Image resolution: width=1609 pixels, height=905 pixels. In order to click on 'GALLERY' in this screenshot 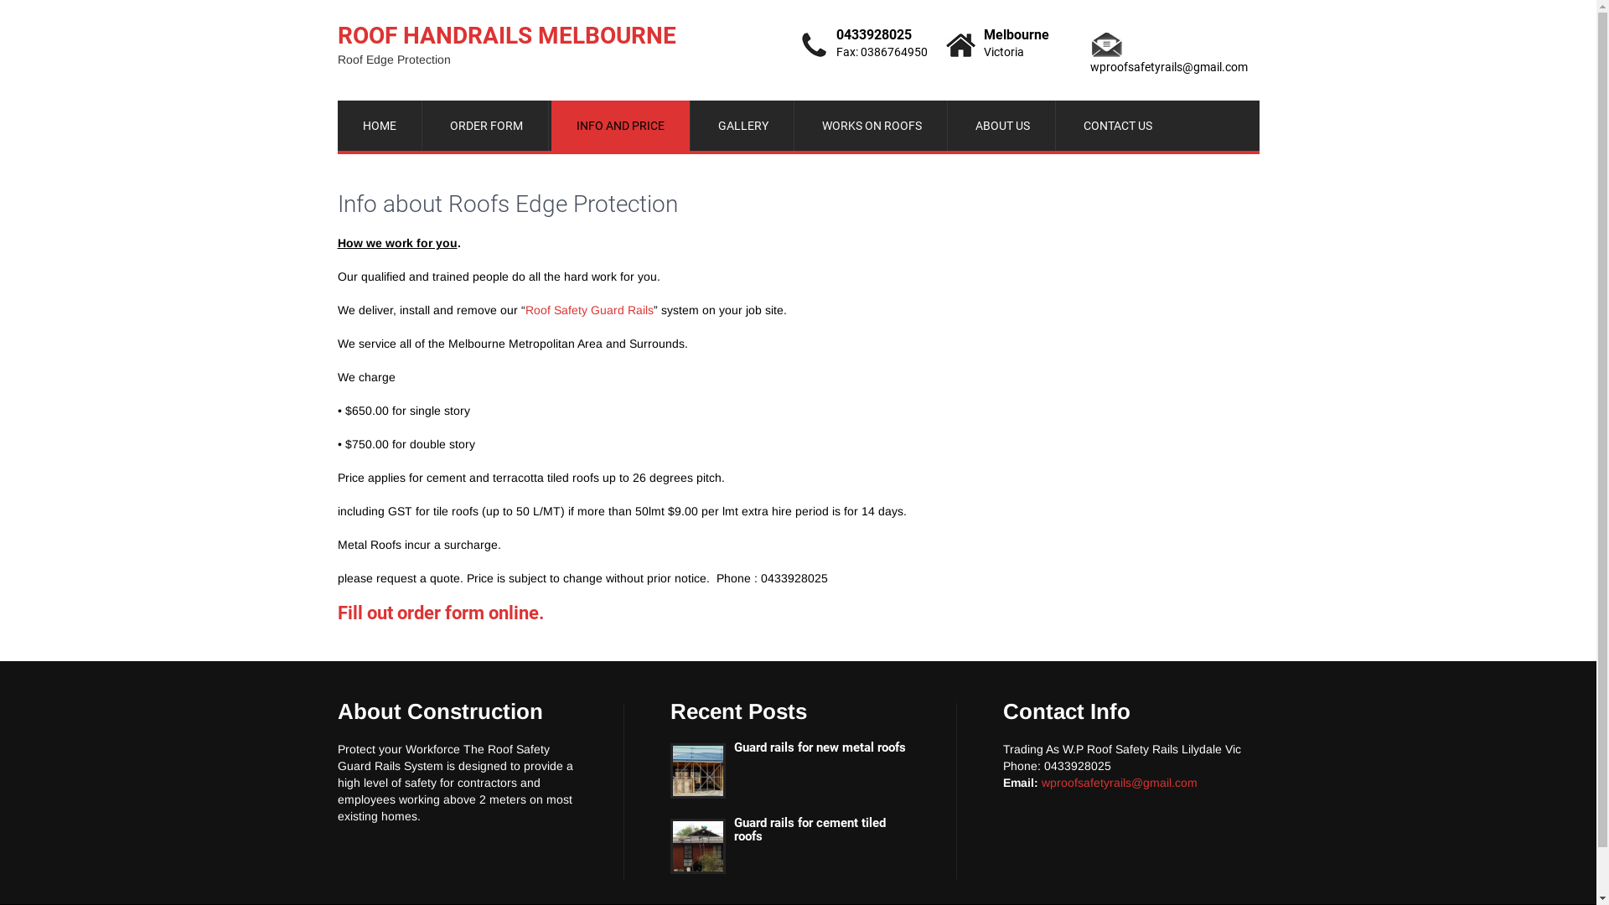, I will do `click(742, 125)`.